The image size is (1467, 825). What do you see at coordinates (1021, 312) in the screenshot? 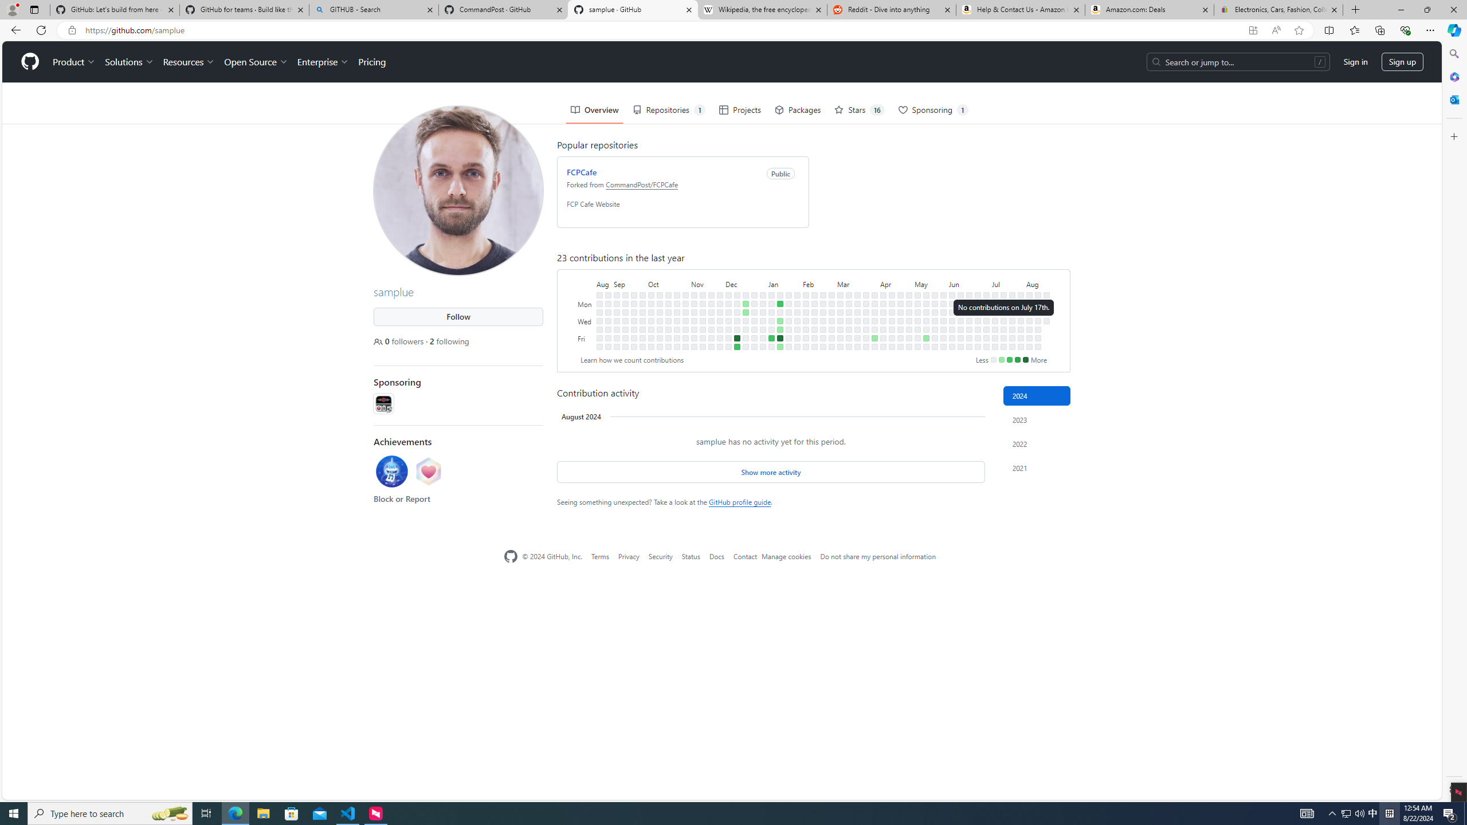
I see `'No contributions on July 30th.'` at bounding box center [1021, 312].